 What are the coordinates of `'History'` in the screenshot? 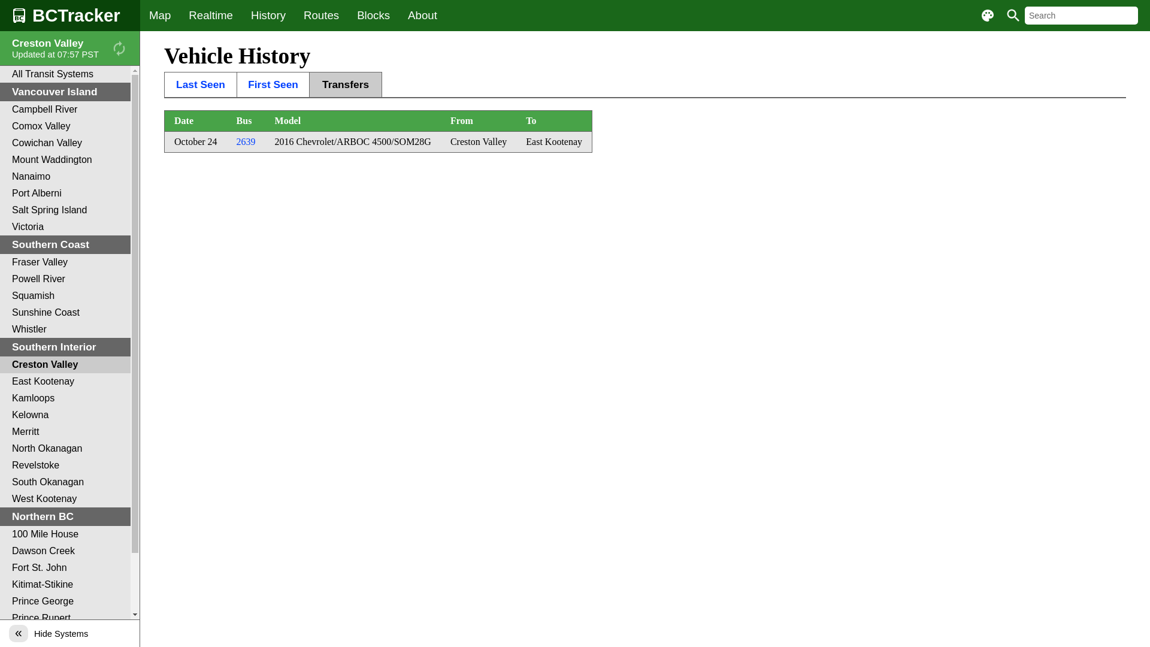 It's located at (267, 16).